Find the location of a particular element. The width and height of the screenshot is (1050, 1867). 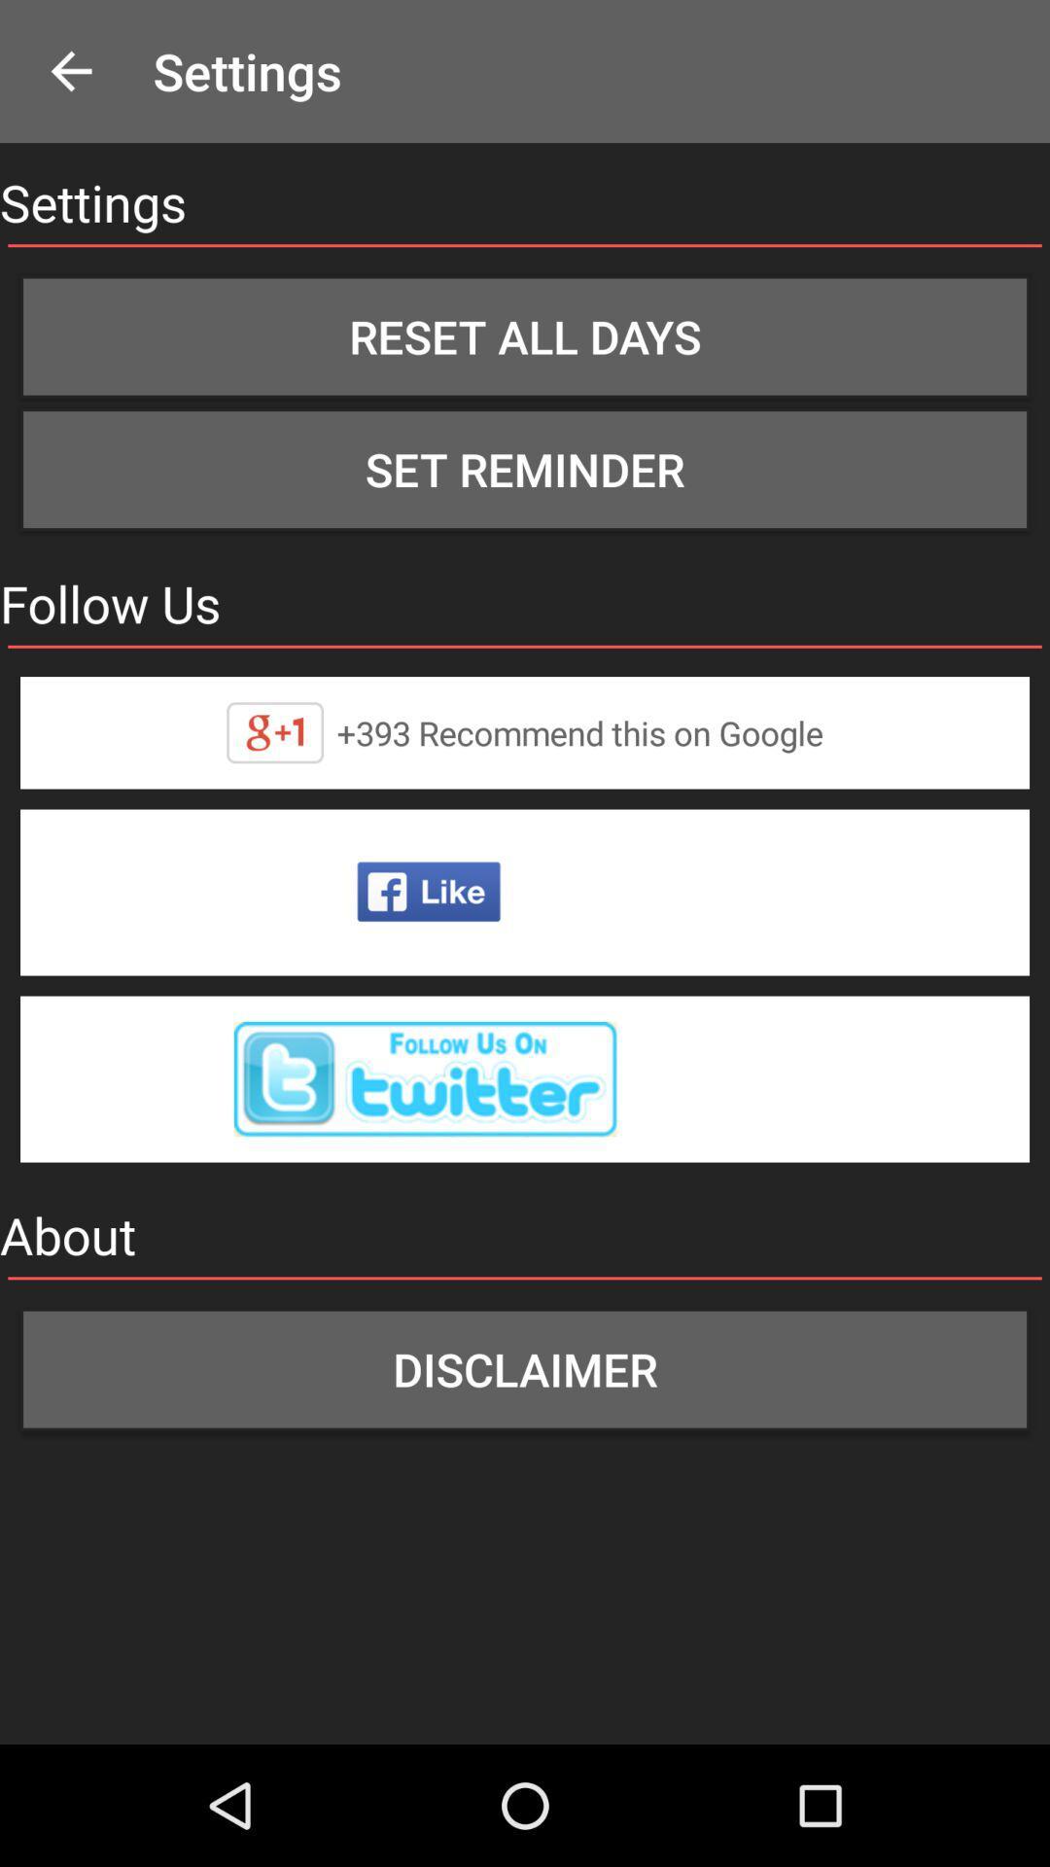

the icon above settings item is located at coordinates (70, 71).